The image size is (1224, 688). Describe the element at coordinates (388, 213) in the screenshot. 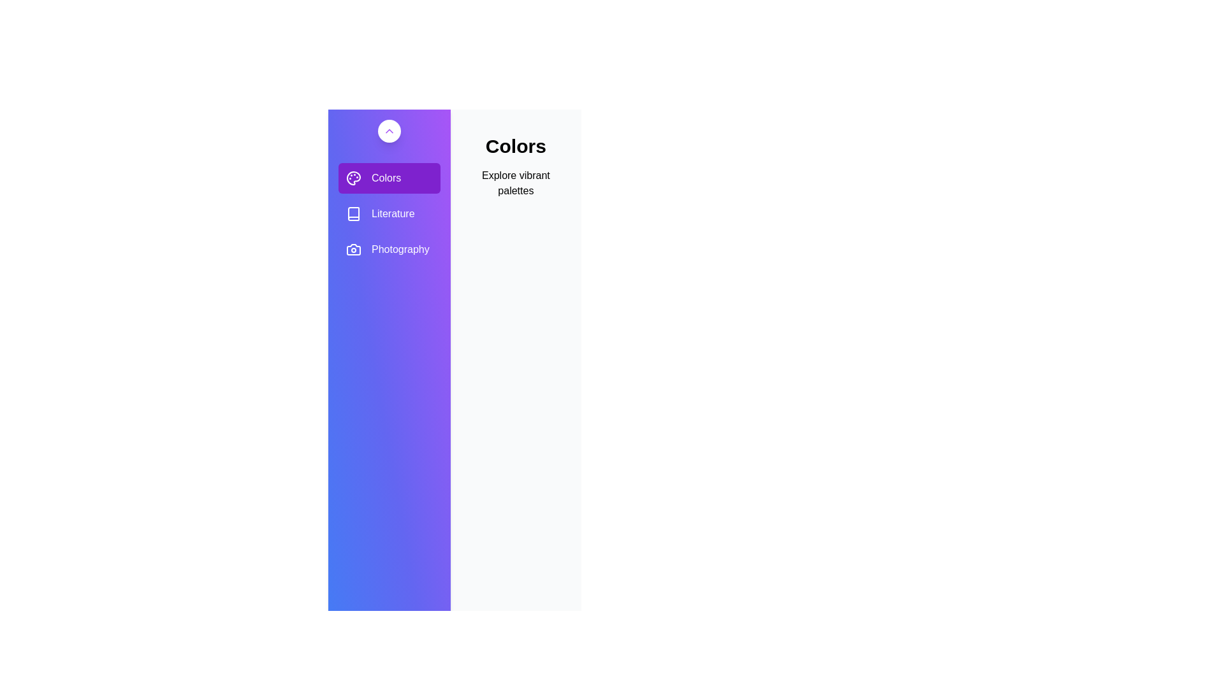

I see `the gallery Literature from the sidebar` at that location.